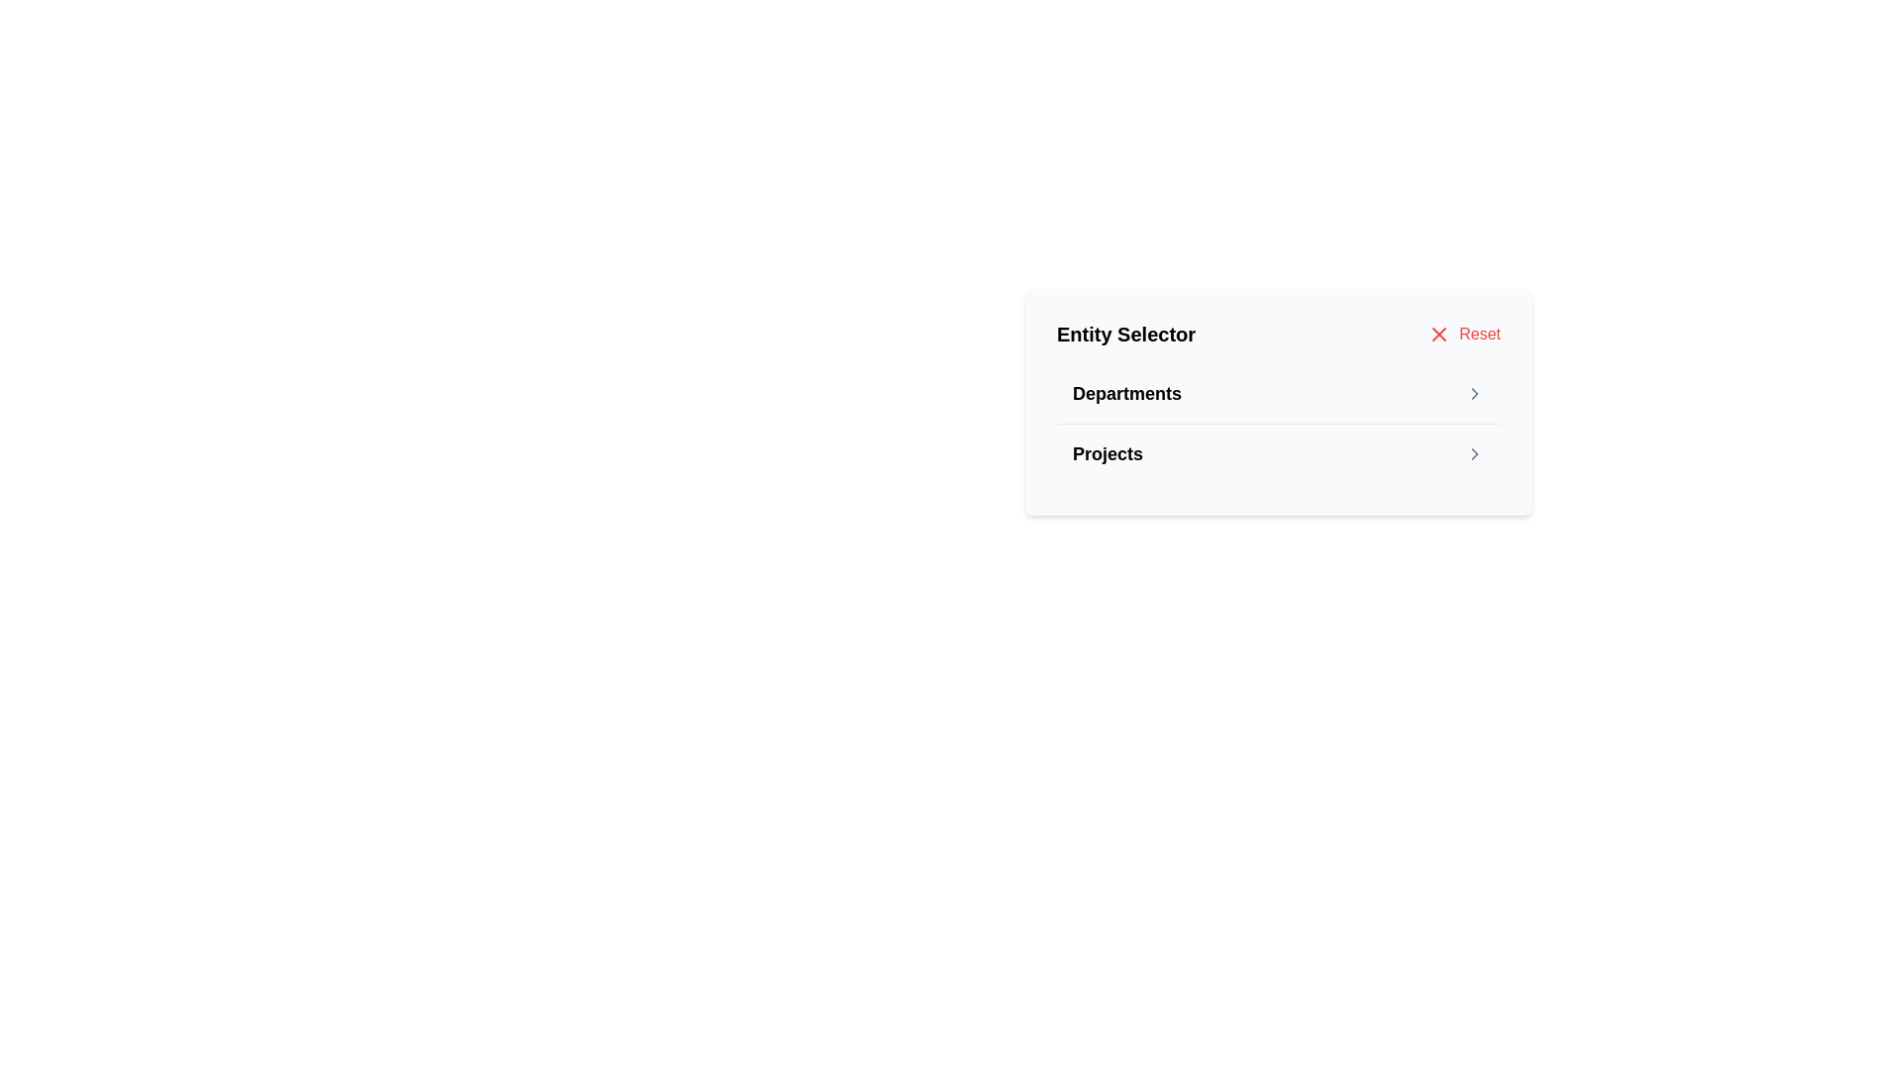 The height and width of the screenshot is (1069, 1902). What do you see at coordinates (1107, 454) in the screenshot?
I see `the bold black text label reading 'Projects', which is styled with a larger font size and positioned in the bottom row of a white card interface, aligned below the 'Departments' label` at bounding box center [1107, 454].